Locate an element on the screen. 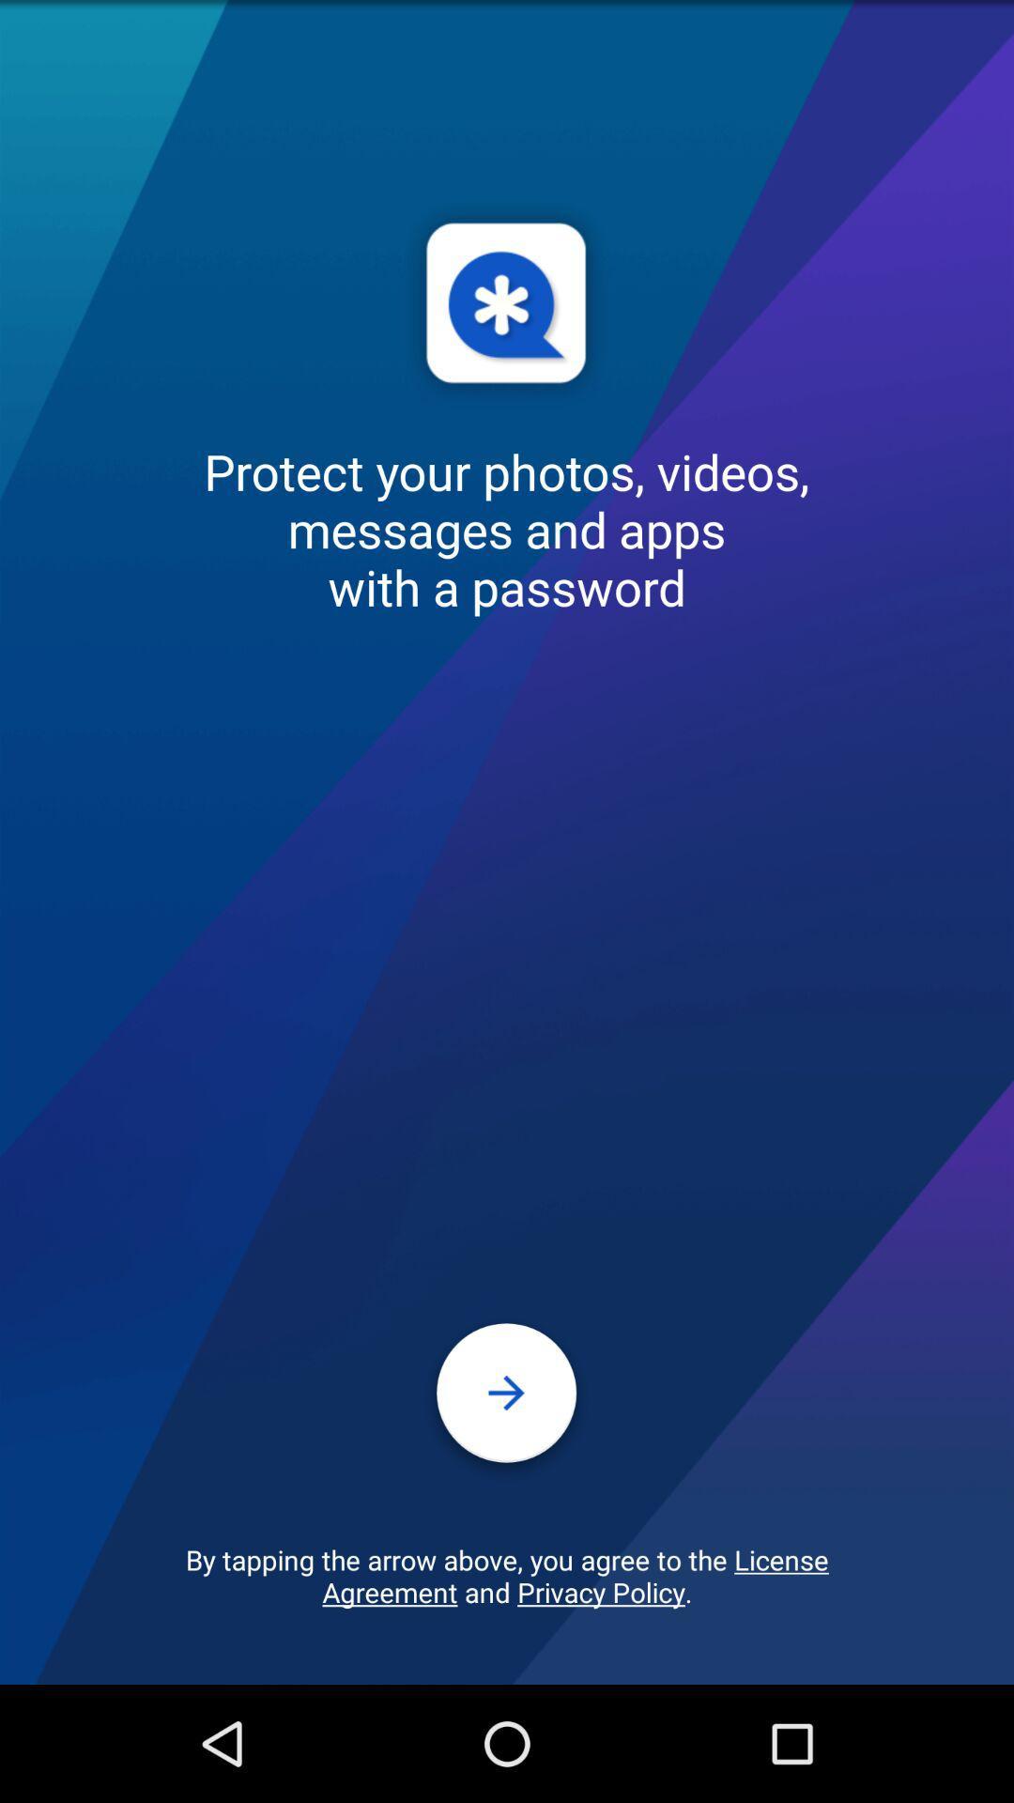 Image resolution: width=1014 pixels, height=1803 pixels. the arrow_forward icon is located at coordinates (505, 1498).